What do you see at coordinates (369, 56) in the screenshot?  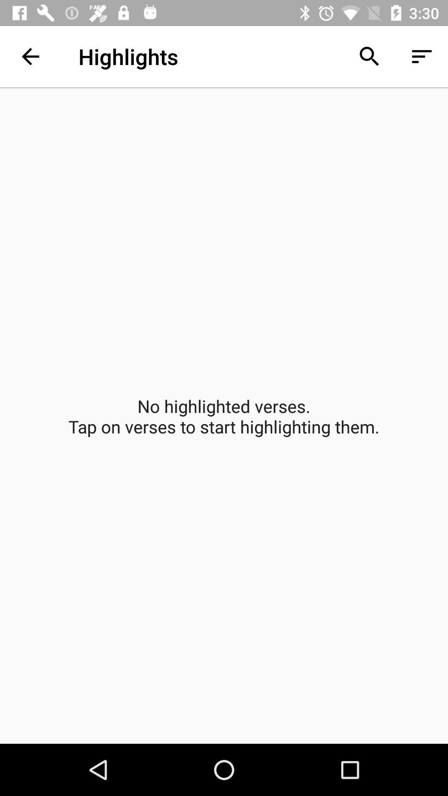 I see `the app to the right of highlights app` at bounding box center [369, 56].